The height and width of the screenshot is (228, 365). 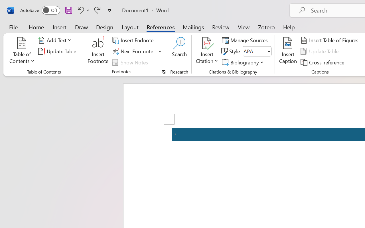 I want to click on 'Undo Apply Quick Style Set', so click(x=82, y=10).